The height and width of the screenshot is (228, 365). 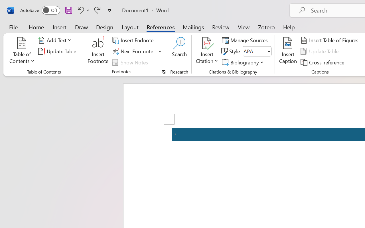 I want to click on 'Undo Apply Quick Style Set', so click(x=82, y=10).